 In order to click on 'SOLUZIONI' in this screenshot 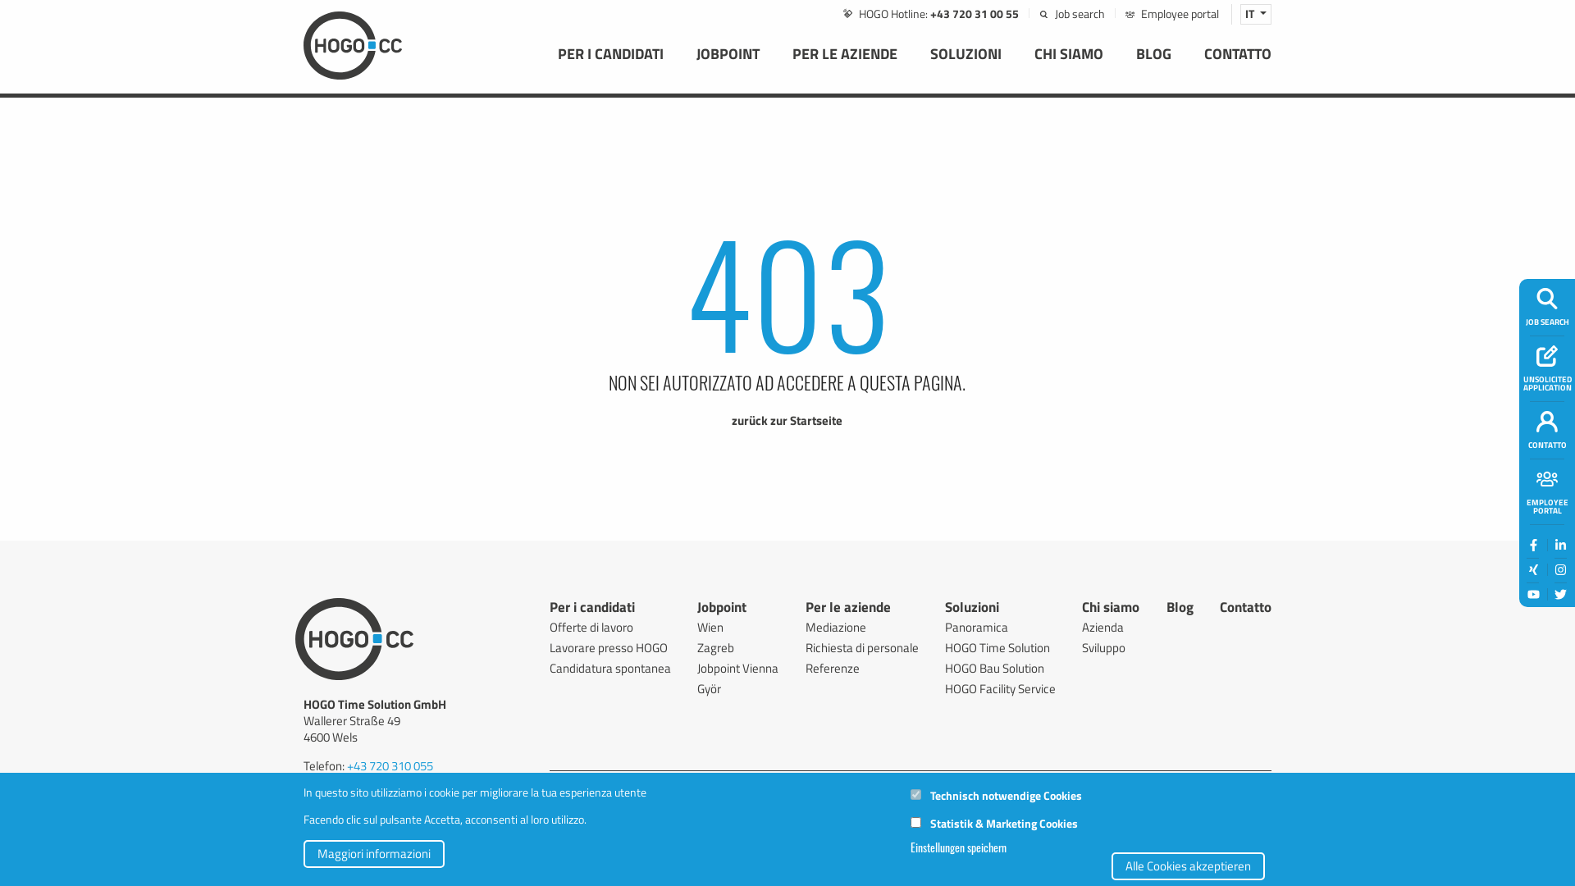, I will do `click(912, 64)`.